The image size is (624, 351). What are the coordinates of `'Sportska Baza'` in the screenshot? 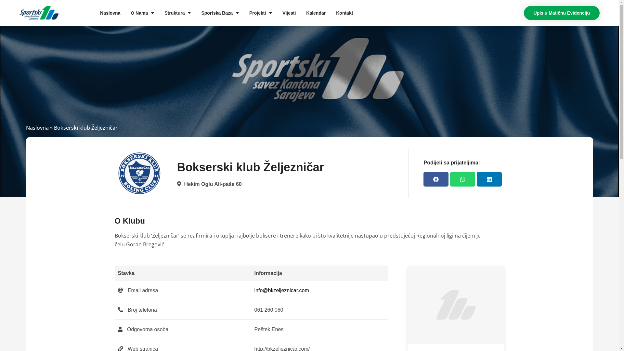 It's located at (196, 13).